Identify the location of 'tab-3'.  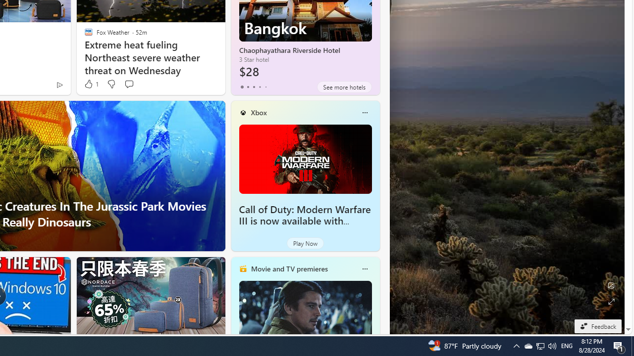
(260, 87).